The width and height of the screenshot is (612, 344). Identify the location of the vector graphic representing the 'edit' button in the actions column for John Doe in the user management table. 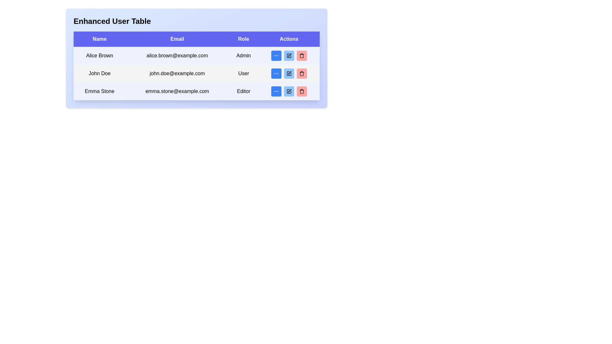
(288, 55).